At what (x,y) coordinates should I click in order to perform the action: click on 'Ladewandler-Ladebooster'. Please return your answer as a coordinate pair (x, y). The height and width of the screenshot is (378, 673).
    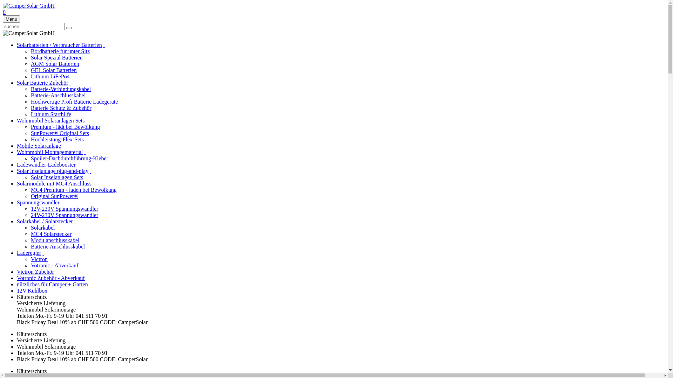
    Looking at the image, I should click on (46, 164).